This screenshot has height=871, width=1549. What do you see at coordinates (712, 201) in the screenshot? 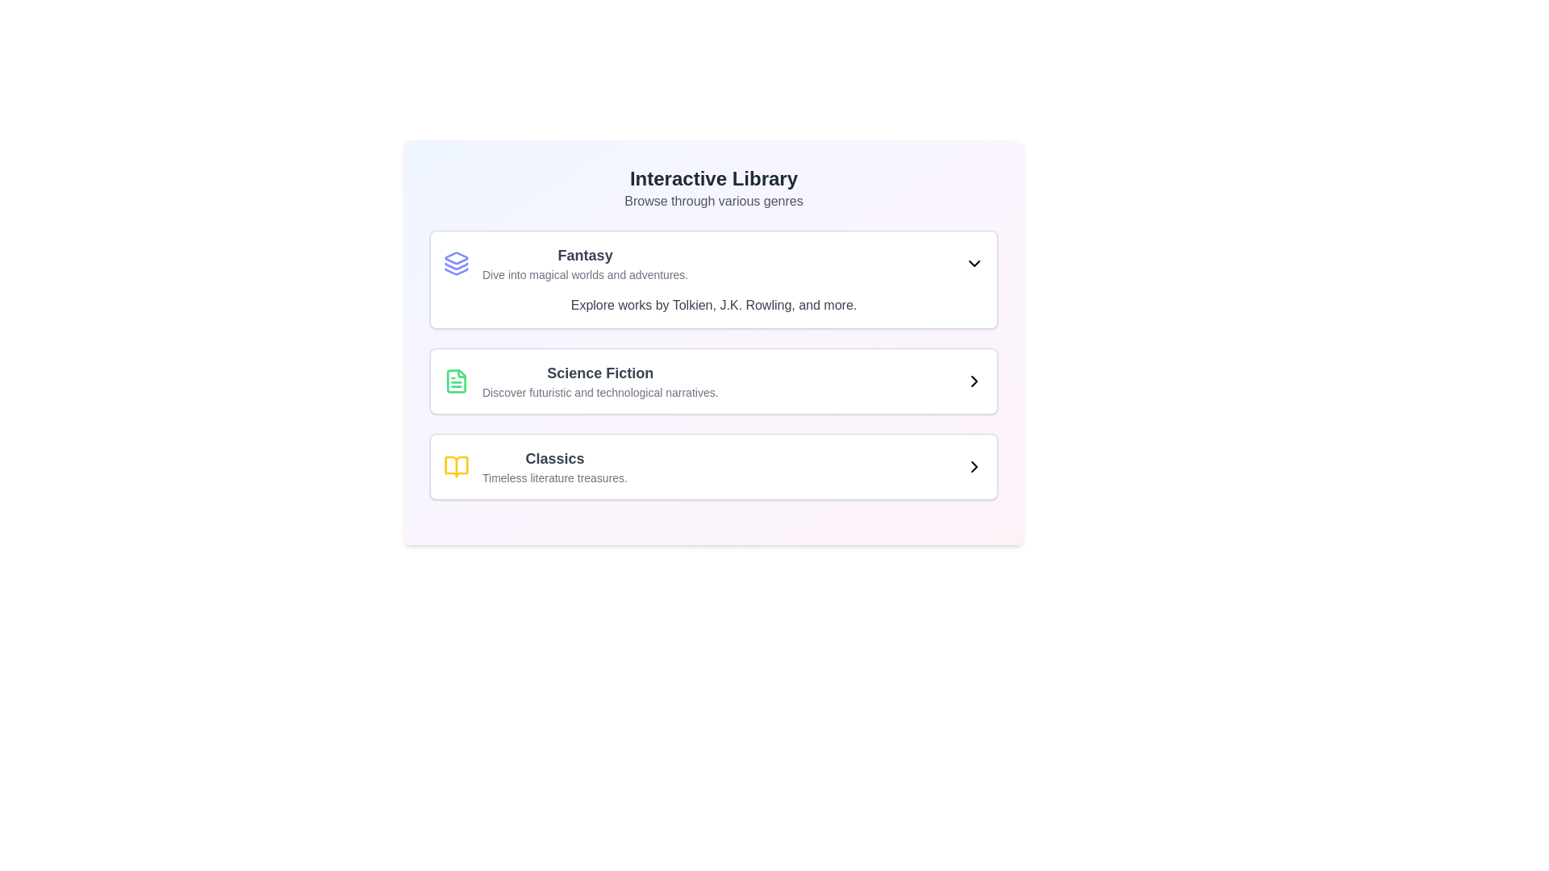
I see `the static descriptive tagline element that provides guidance for navigating the content below, located within the 'Interactive Library' section` at bounding box center [712, 201].